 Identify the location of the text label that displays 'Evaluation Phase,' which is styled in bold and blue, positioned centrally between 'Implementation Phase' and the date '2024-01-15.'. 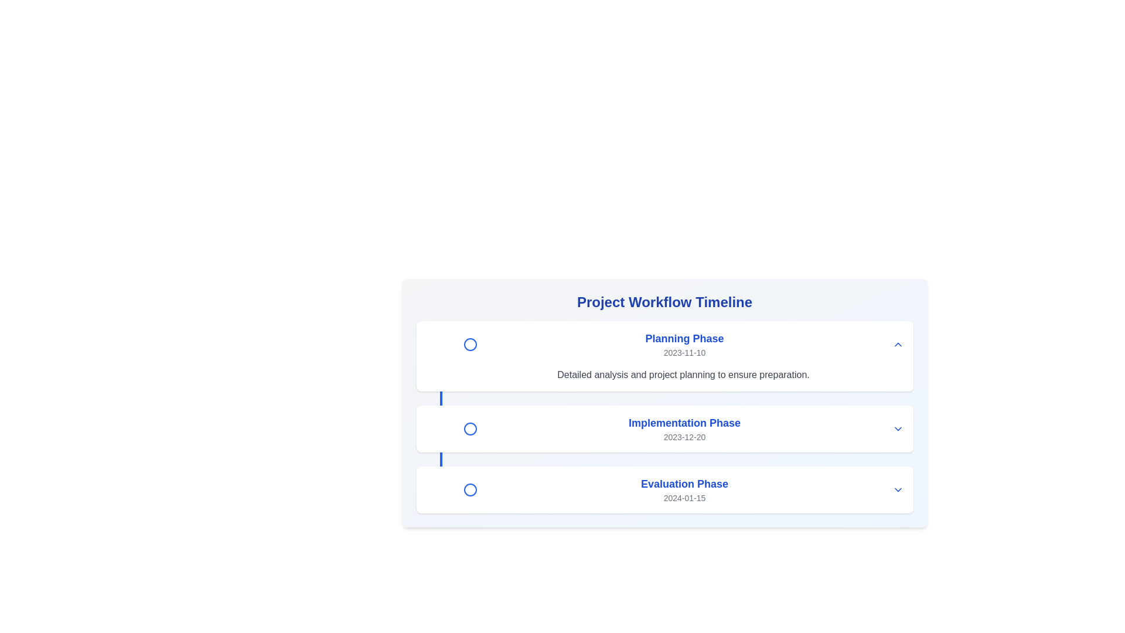
(684, 484).